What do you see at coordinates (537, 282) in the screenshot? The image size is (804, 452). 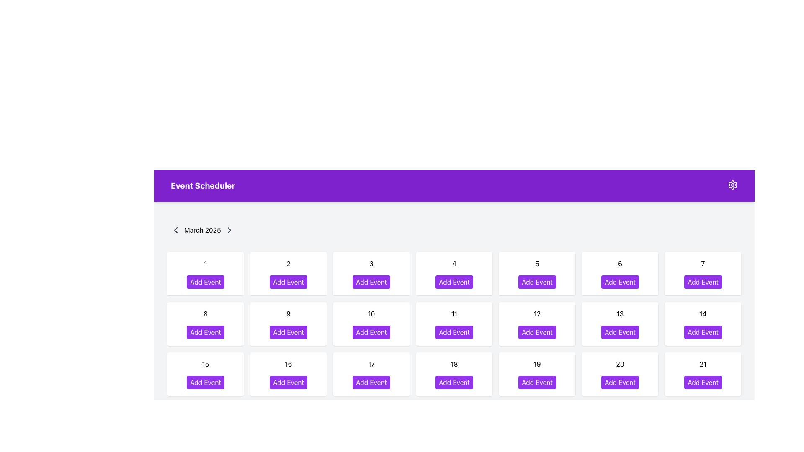 I see `the button located within the fifth tile of the first row in the grid layout of the event scheduler` at bounding box center [537, 282].